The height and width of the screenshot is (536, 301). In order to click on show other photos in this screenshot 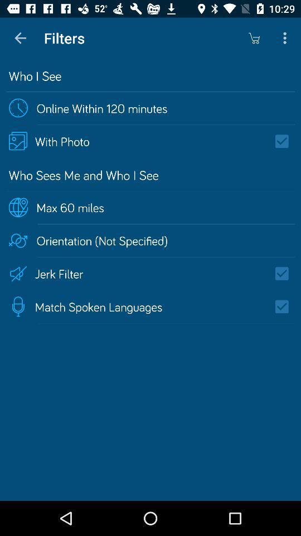, I will do `click(285, 141)`.